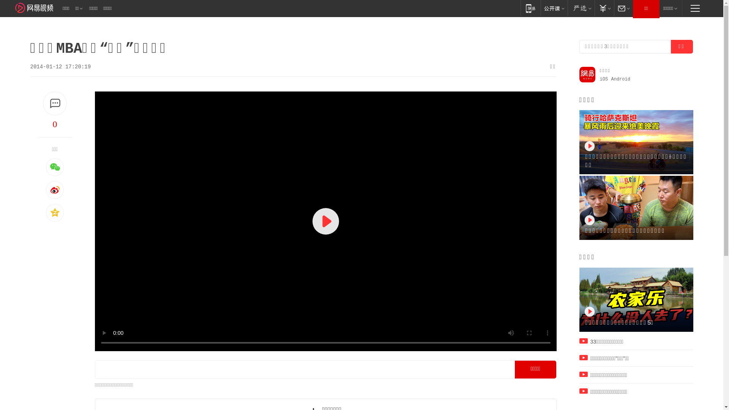 The image size is (729, 410). What do you see at coordinates (621, 79) in the screenshot?
I see `'Android'` at bounding box center [621, 79].